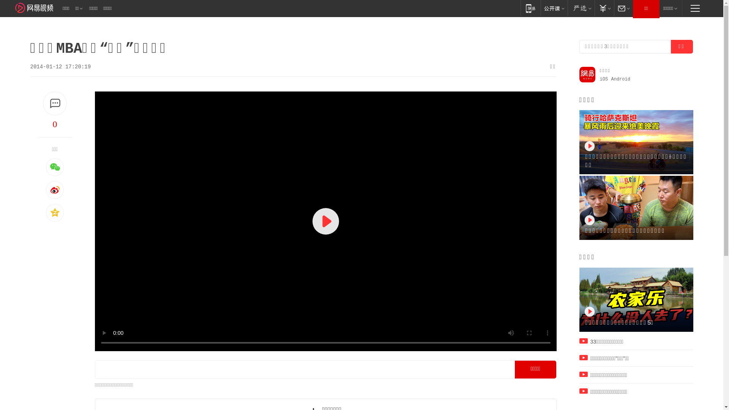 The image size is (729, 410). What do you see at coordinates (621, 79) in the screenshot?
I see `'Android'` at bounding box center [621, 79].